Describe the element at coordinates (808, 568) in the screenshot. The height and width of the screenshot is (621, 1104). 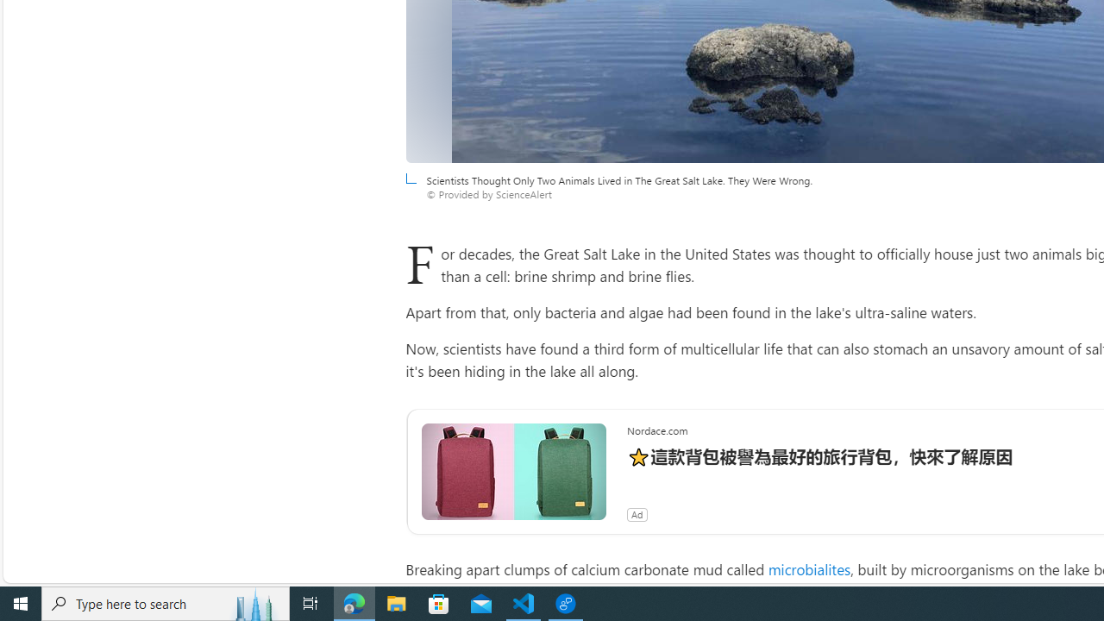
I see `'microbialites'` at that location.